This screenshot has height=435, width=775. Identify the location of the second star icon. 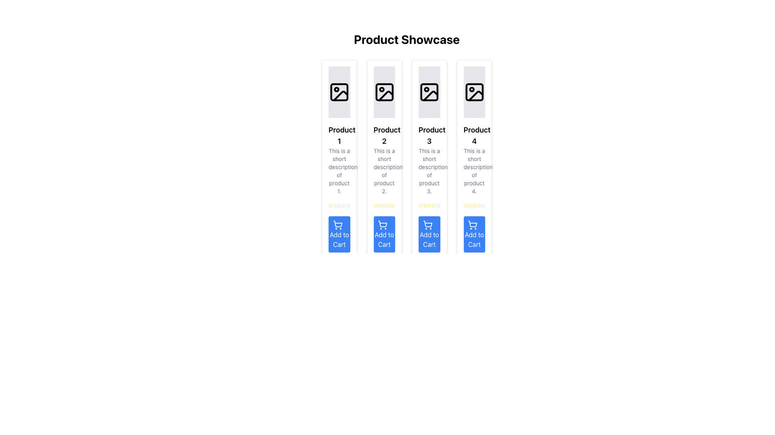
(375, 205).